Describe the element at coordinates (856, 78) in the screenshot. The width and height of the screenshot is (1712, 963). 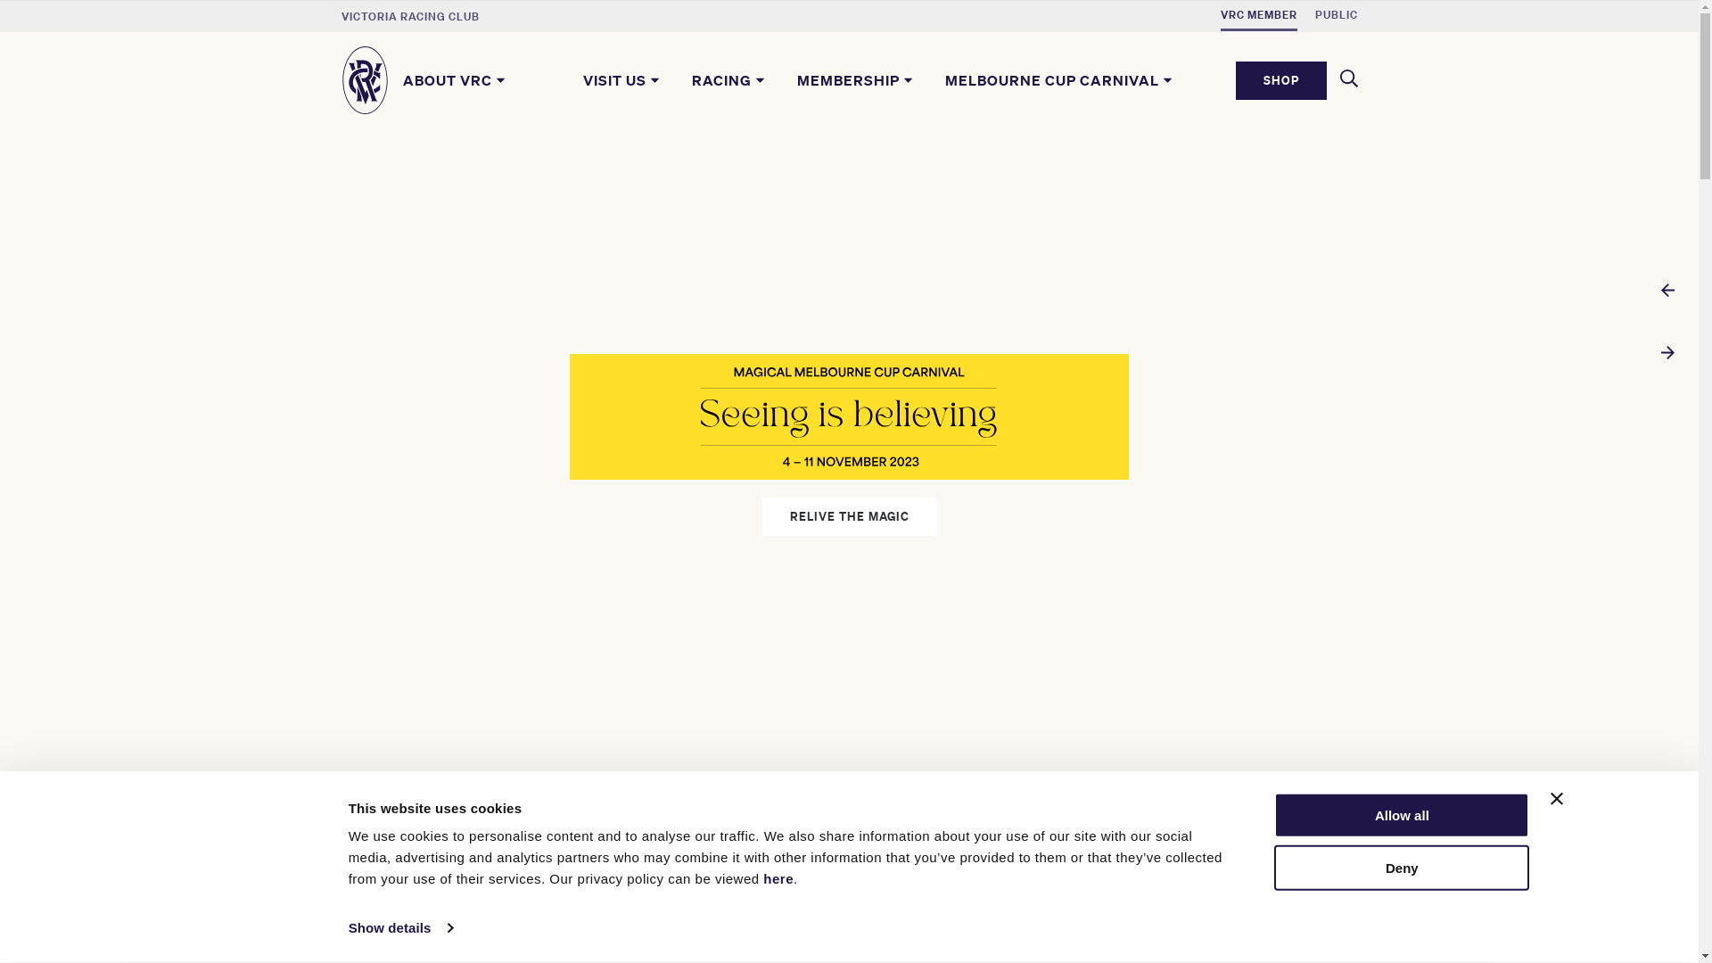
I see `'MEMBERSHIP'` at that location.